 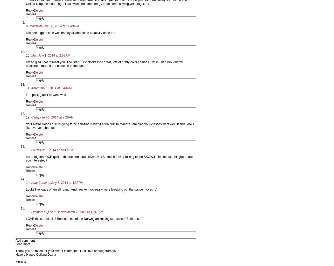 What do you see at coordinates (35, 150) in the screenshot?
I see `'Laura'` at bounding box center [35, 150].